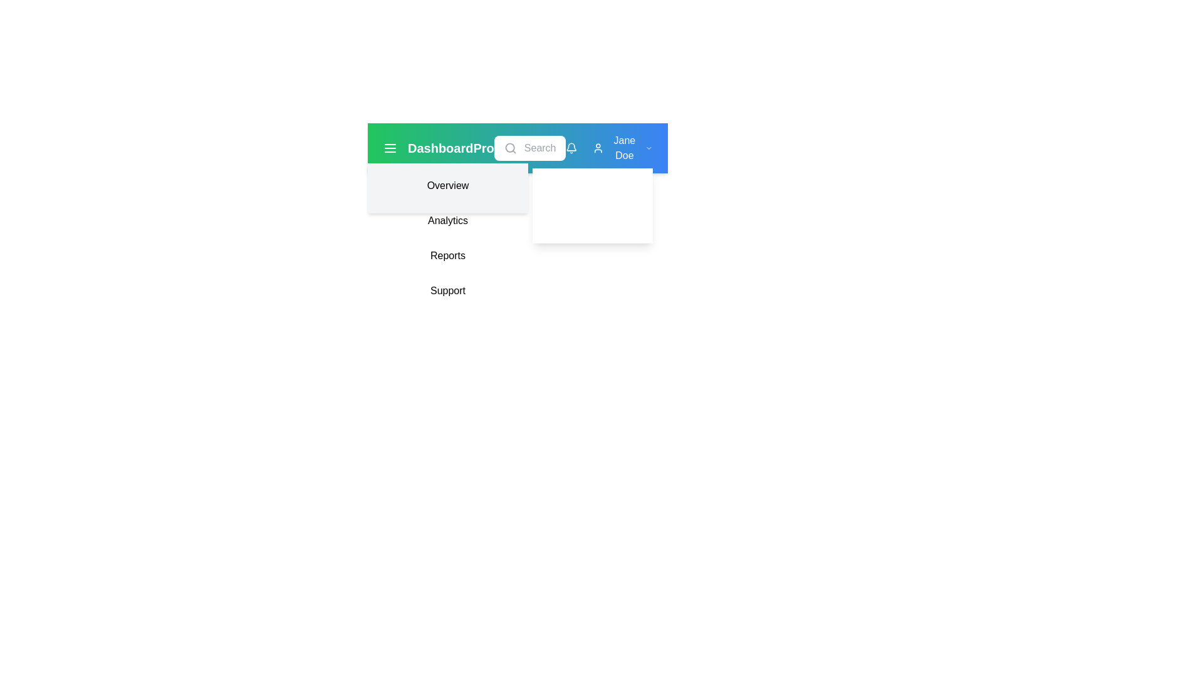  I want to click on the notification icon (bell shape), so click(571, 147).